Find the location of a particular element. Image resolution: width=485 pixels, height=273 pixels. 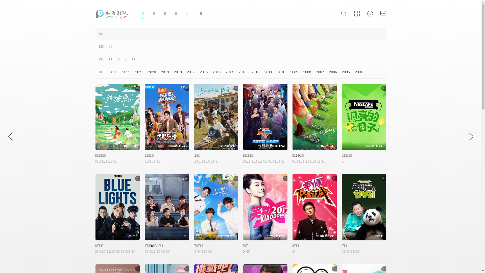

'2014' is located at coordinates (227, 72).